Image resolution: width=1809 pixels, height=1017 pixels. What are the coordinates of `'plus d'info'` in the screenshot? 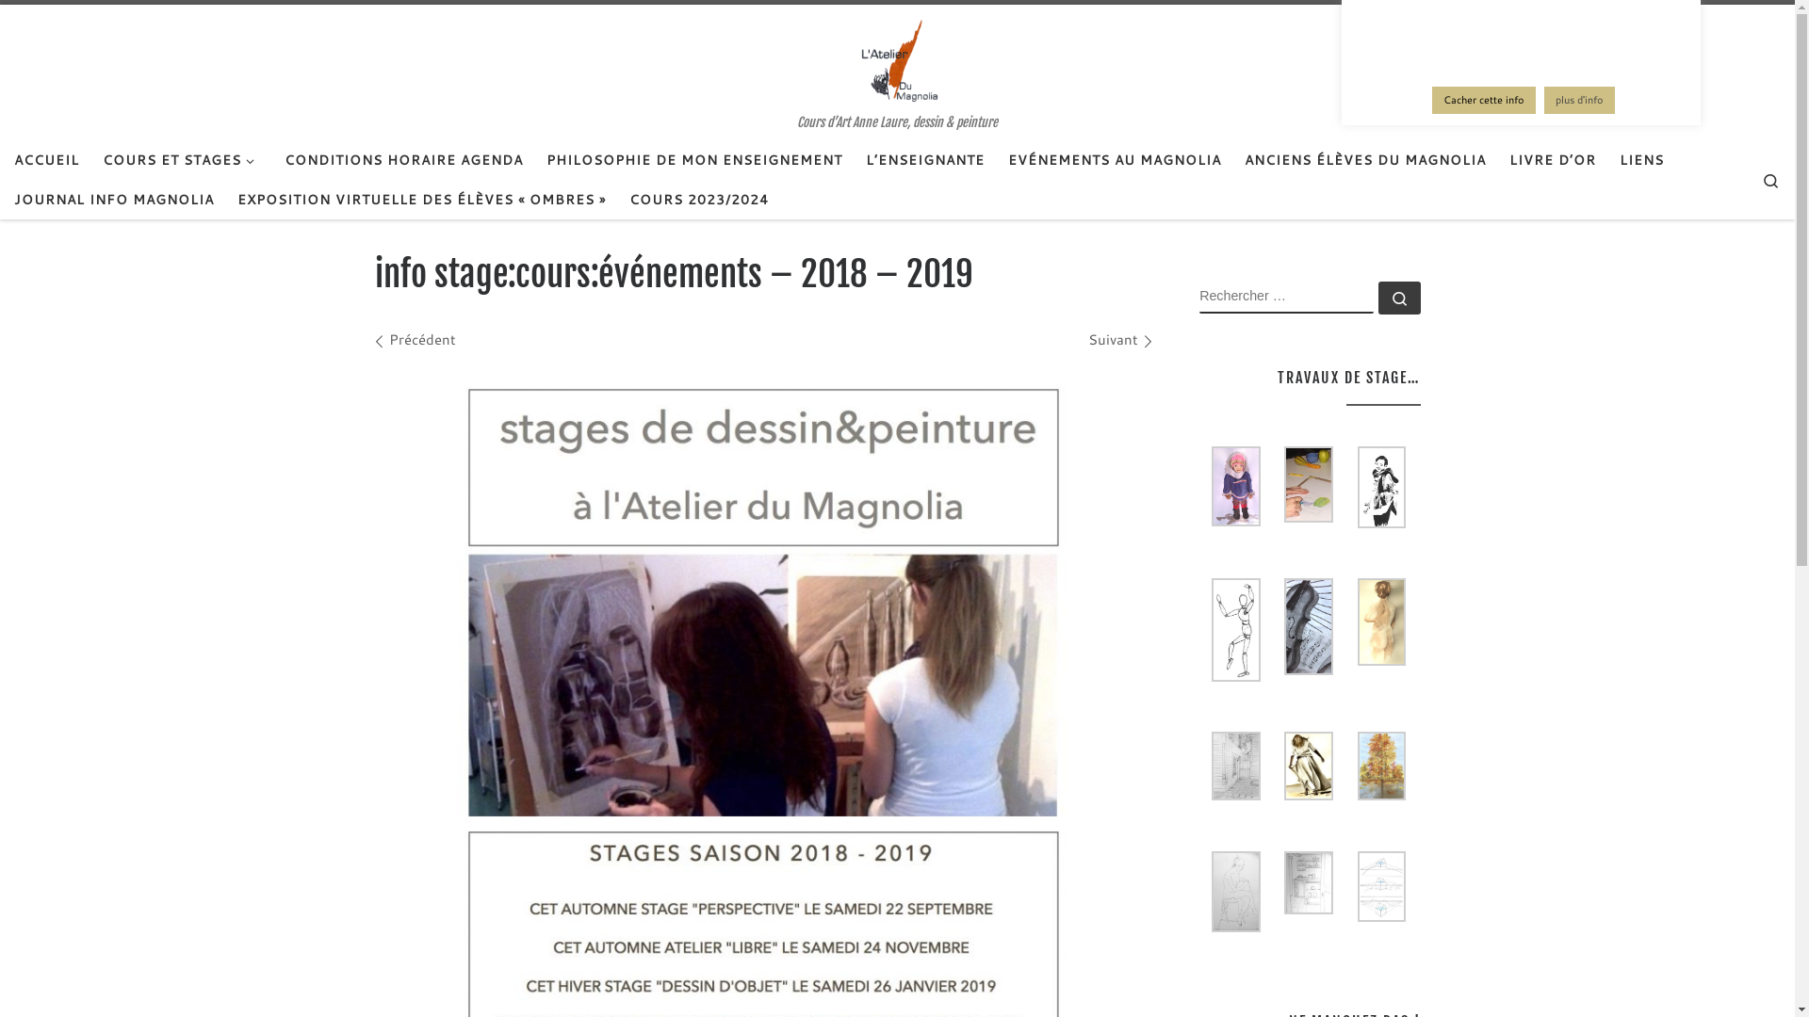 It's located at (1579, 100).